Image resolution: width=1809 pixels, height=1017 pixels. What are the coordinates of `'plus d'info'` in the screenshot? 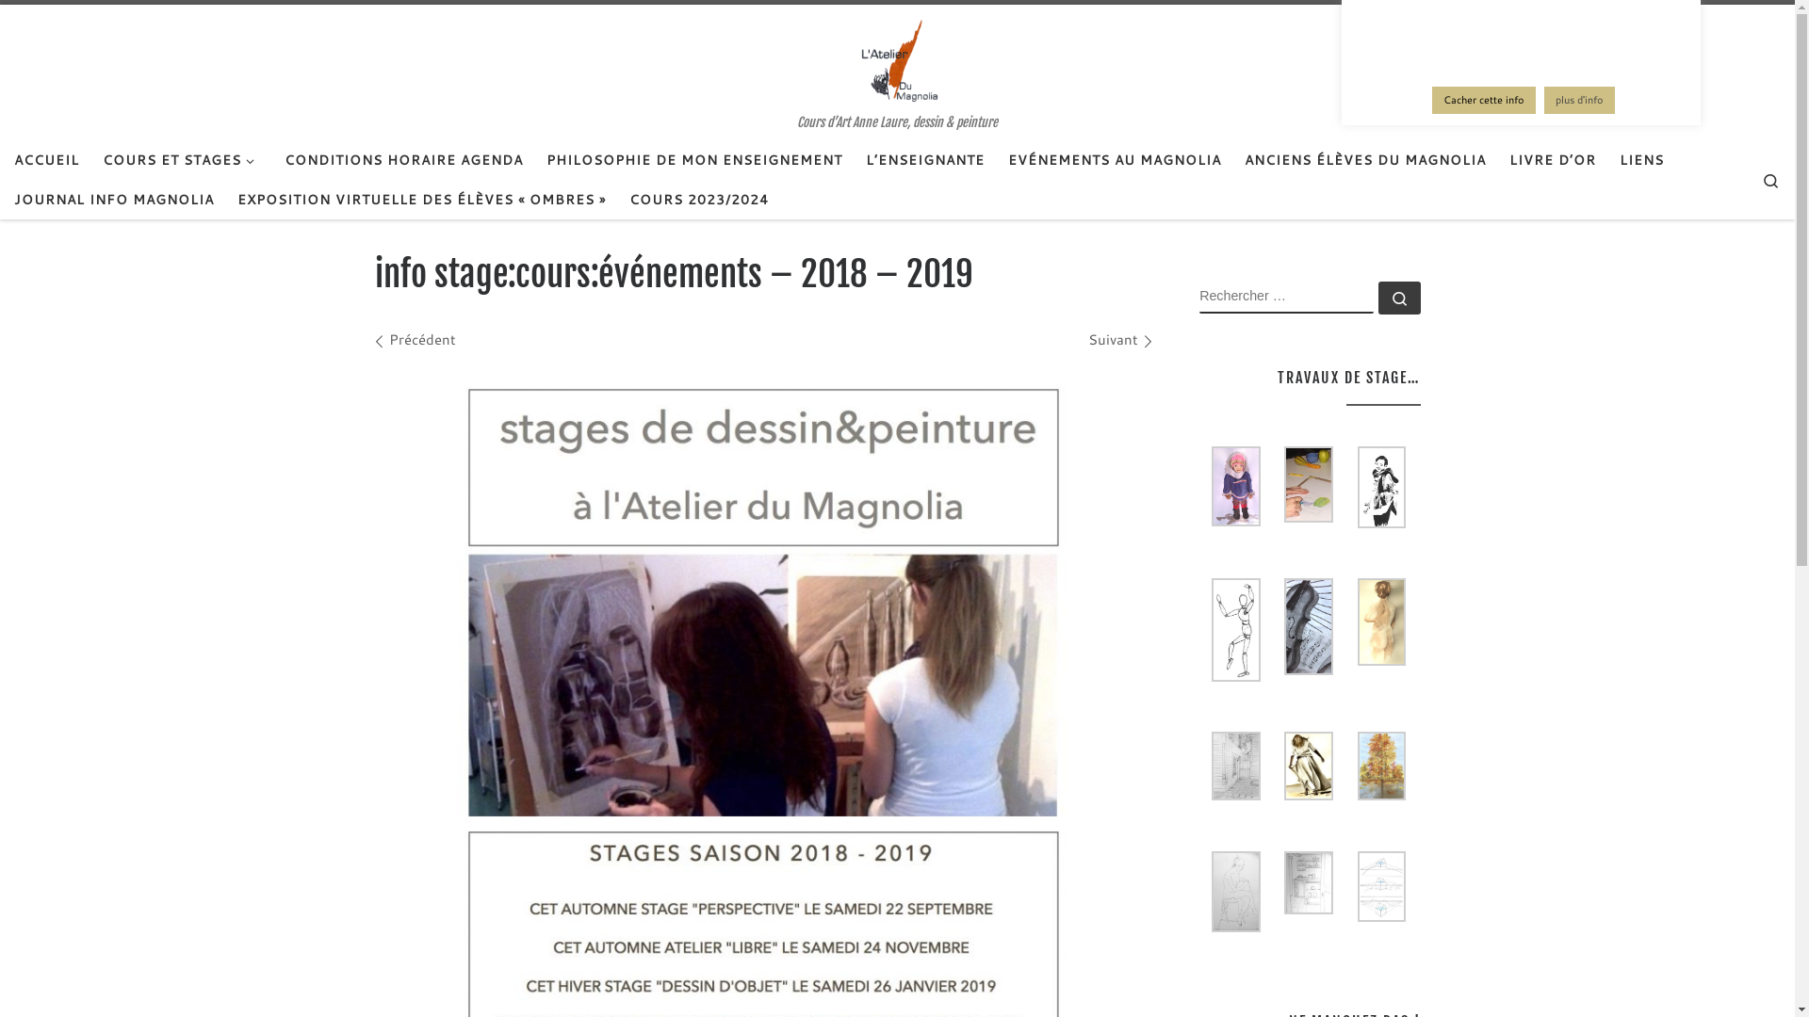 It's located at (1579, 100).